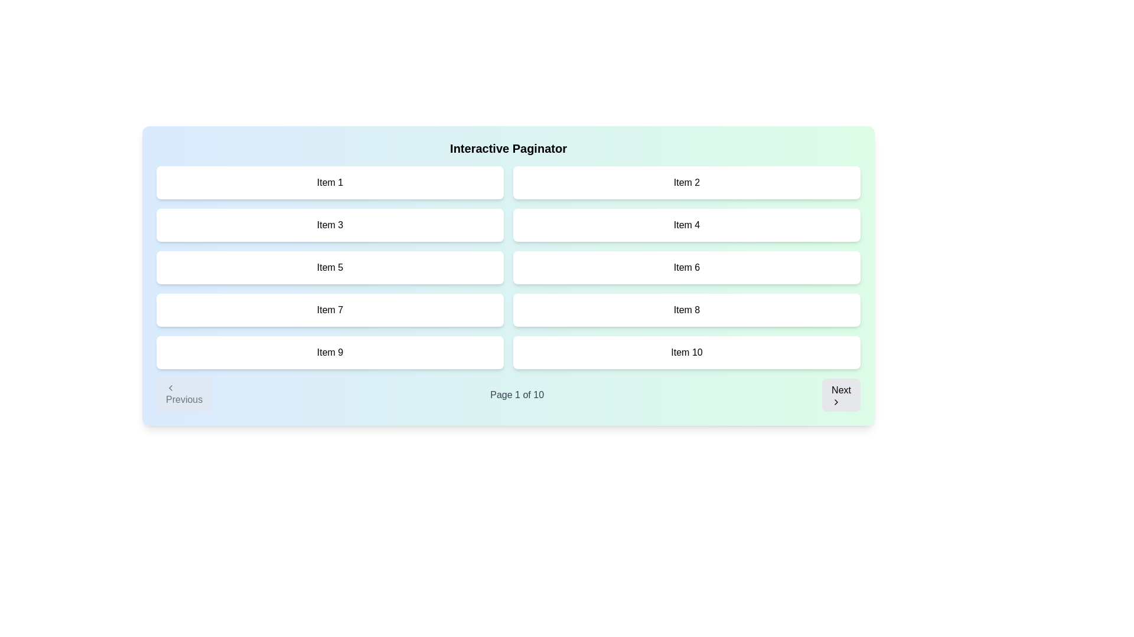 The image size is (1134, 637). What do you see at coordinates (330, 352) in the screenshot?
I see `the ninth item label in the left column of the two-column layout, located at the specified coordinates` at bounding box center [330, 352].